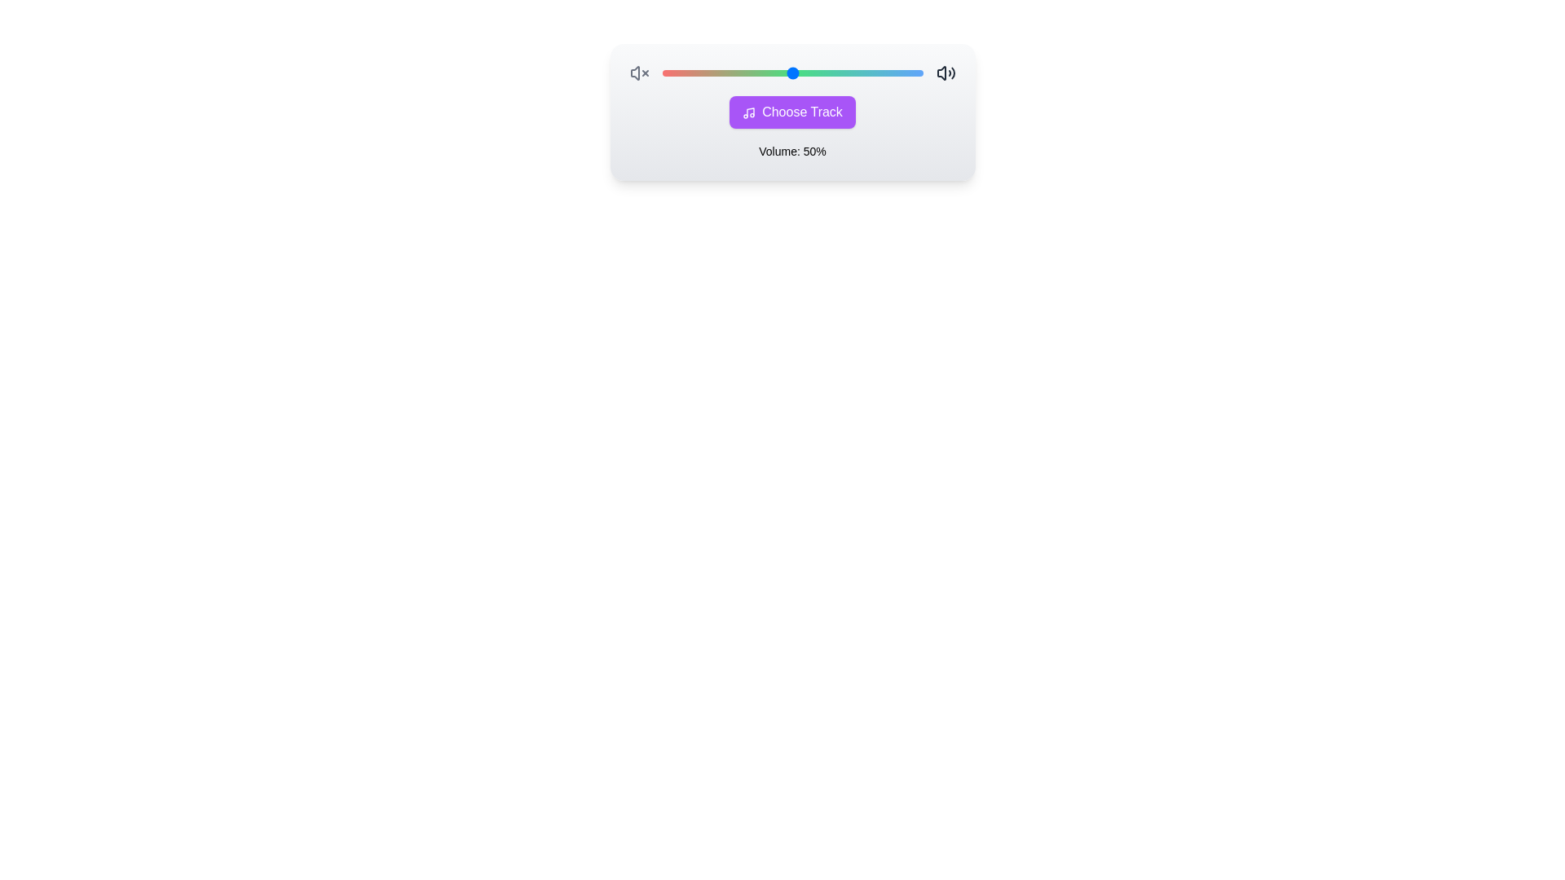 The image size is (1565, 880). I want to click on the volume to 47% using the slider, so click(784, 72).